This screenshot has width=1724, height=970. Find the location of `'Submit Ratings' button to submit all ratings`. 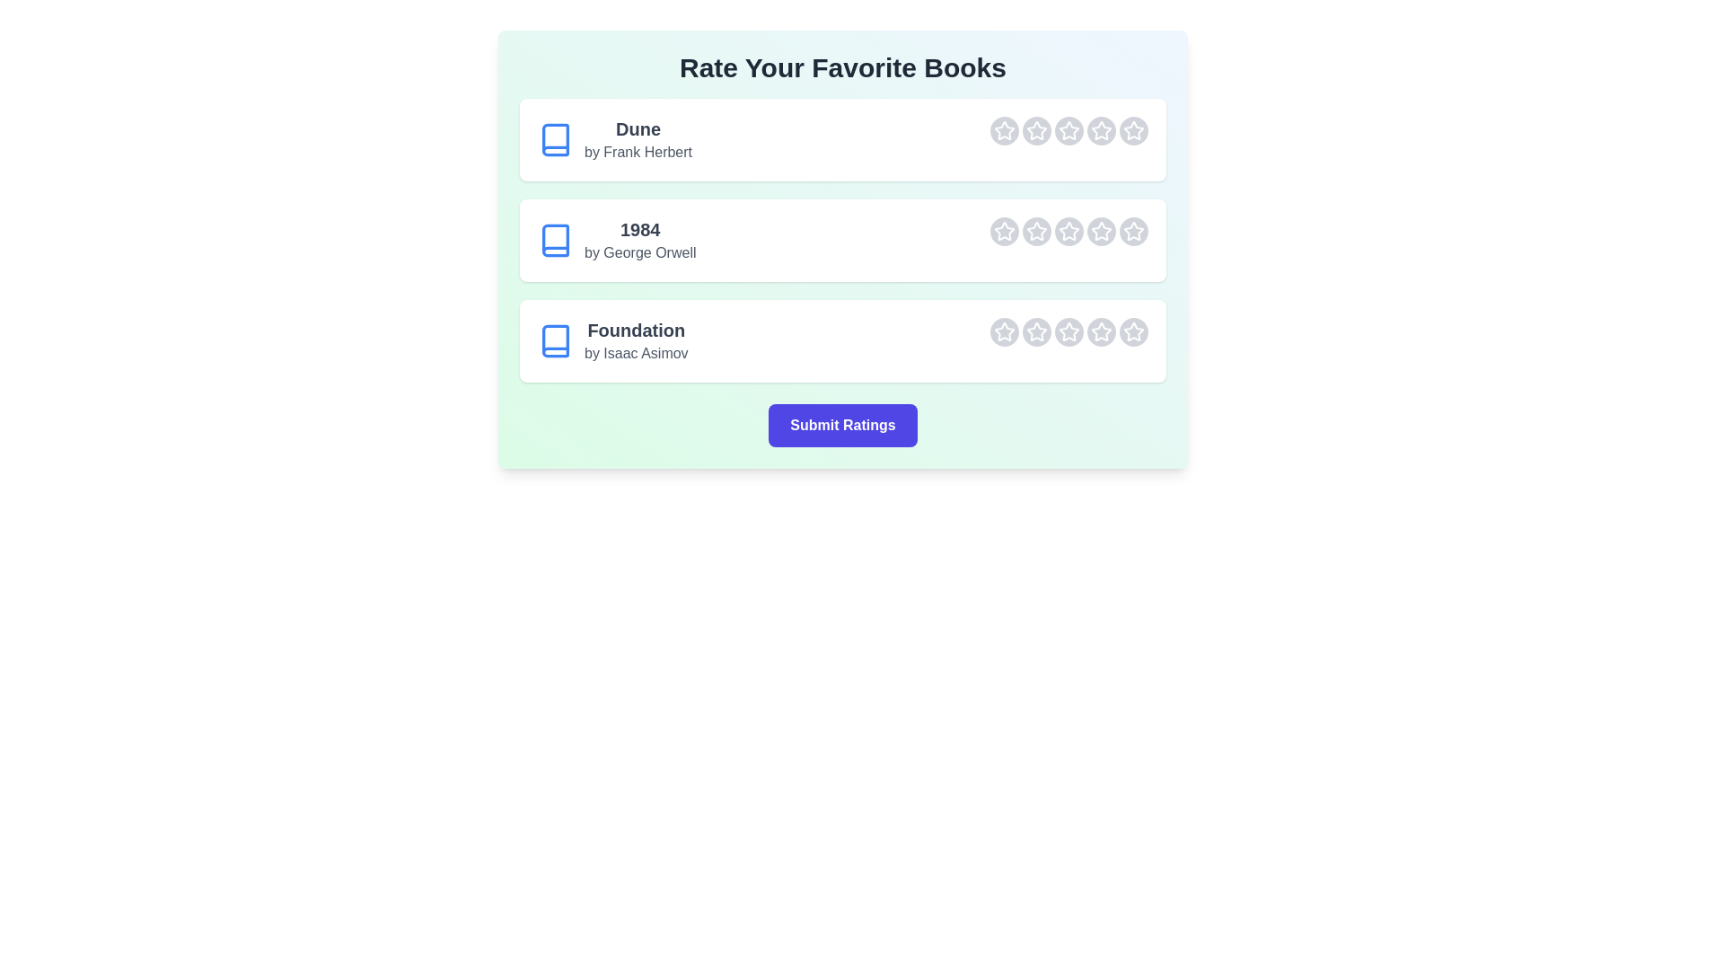

'Submit Ratings' button to submit all ratings is located at coordinates (842, 426).